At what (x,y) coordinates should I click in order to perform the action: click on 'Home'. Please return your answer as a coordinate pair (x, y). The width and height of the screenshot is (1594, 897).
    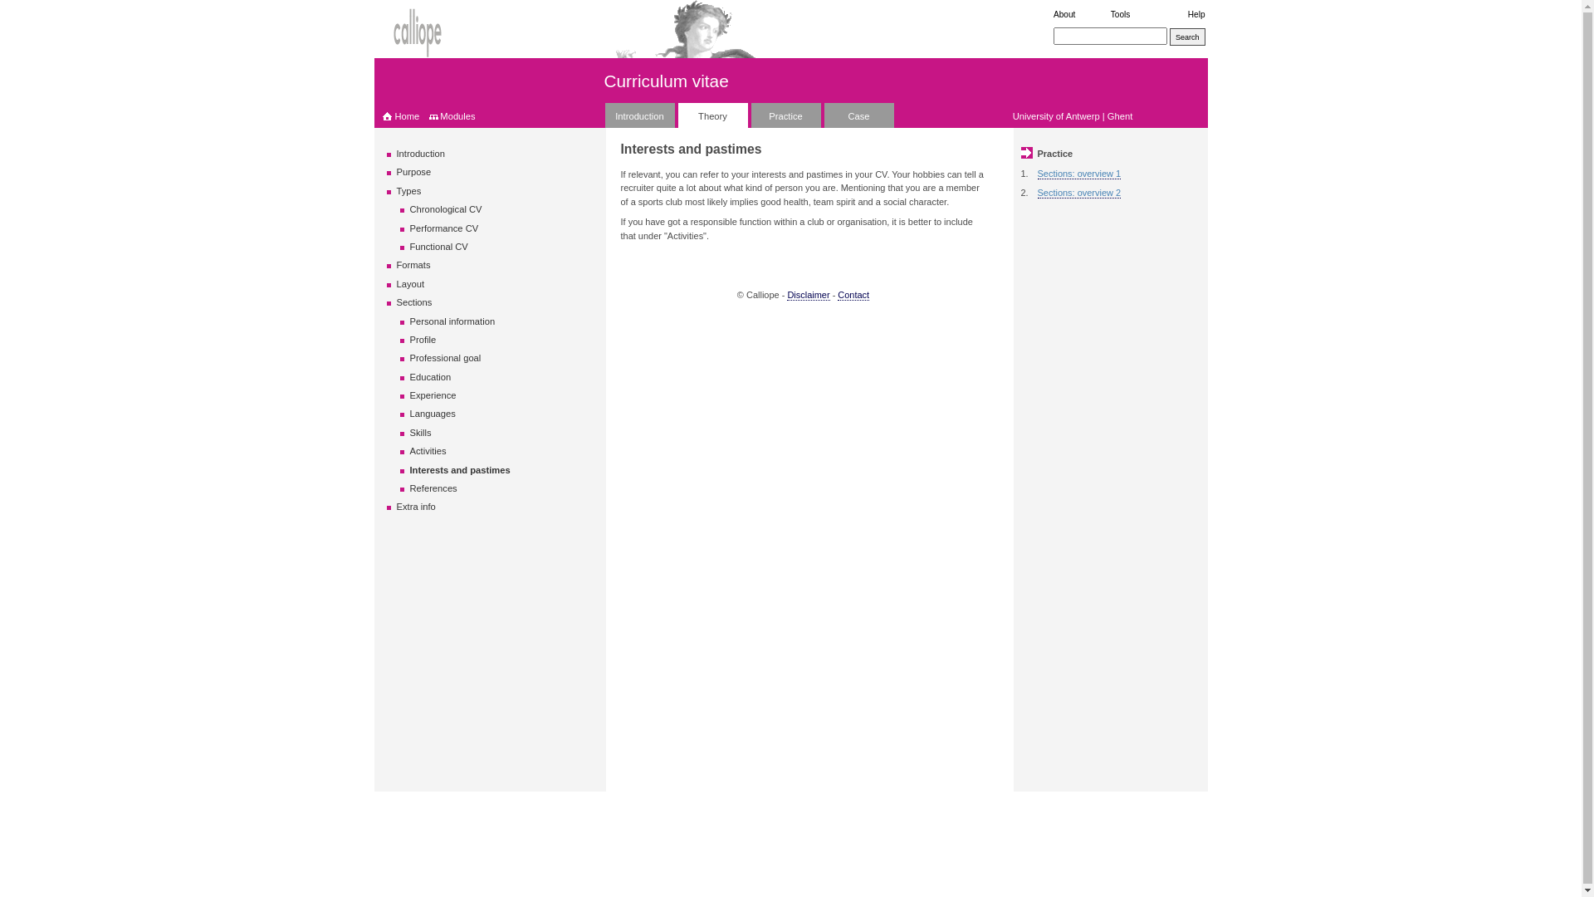
    Looking at the image, I should click on (400, 115).